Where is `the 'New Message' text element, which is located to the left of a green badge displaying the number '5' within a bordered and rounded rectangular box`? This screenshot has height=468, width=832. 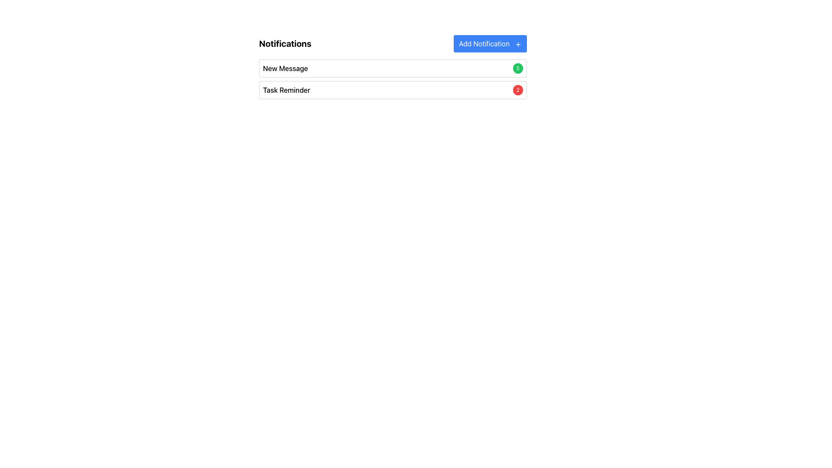 the 'New Message' text element, which is located to the left of a green badge displaying the number '5' within a bordered and rounded rectangular box is located at coordinates (285, 68).